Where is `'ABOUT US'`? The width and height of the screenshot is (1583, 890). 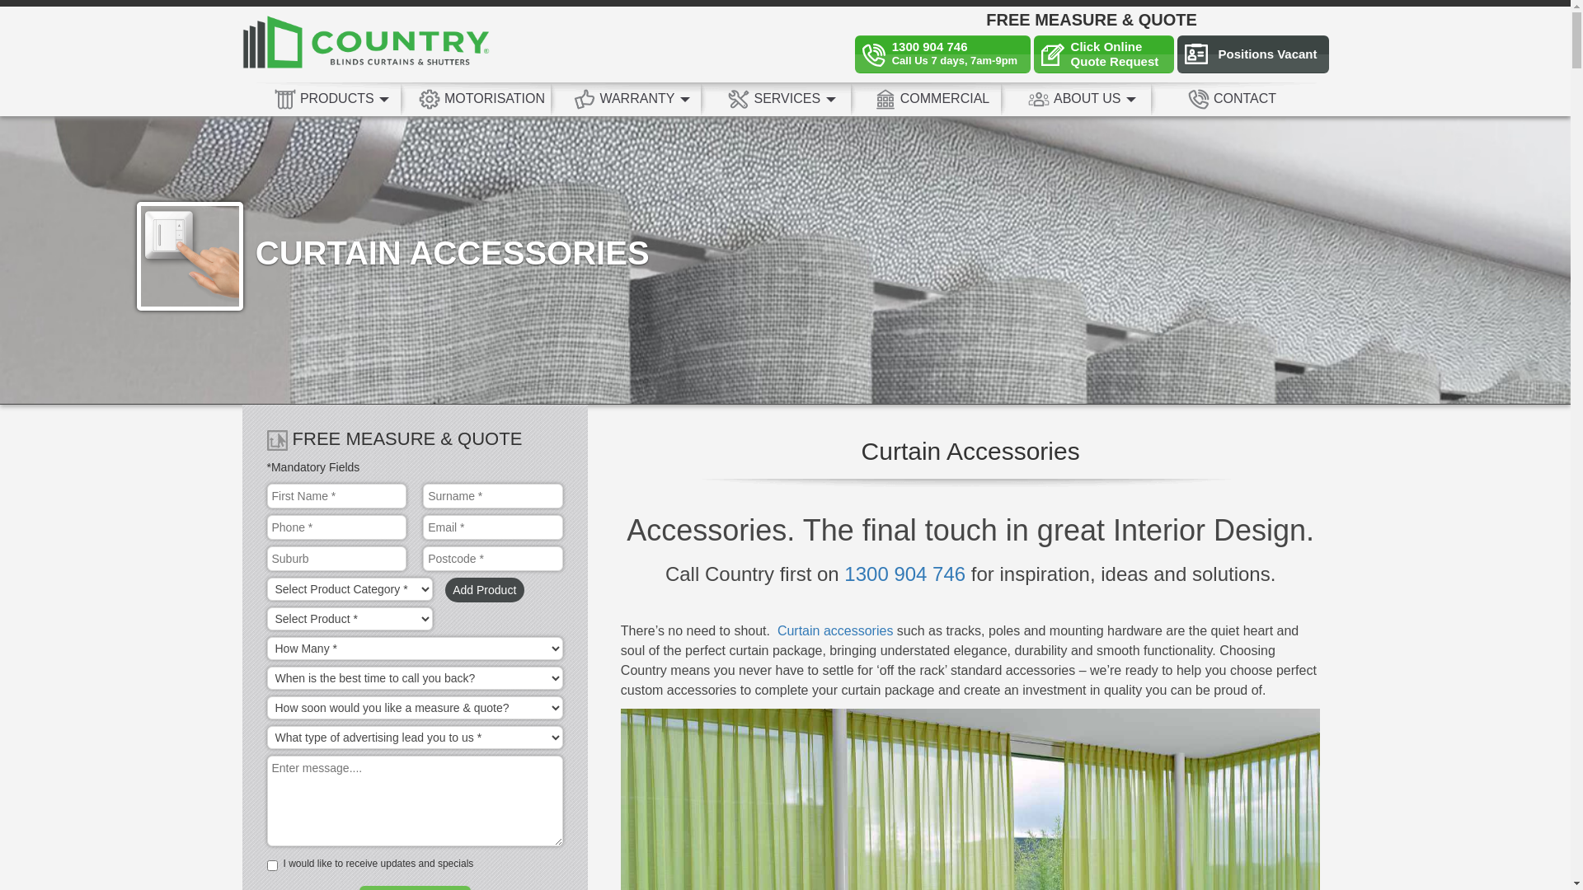 'ABOUT US' is located at coordinates (1083, 99).